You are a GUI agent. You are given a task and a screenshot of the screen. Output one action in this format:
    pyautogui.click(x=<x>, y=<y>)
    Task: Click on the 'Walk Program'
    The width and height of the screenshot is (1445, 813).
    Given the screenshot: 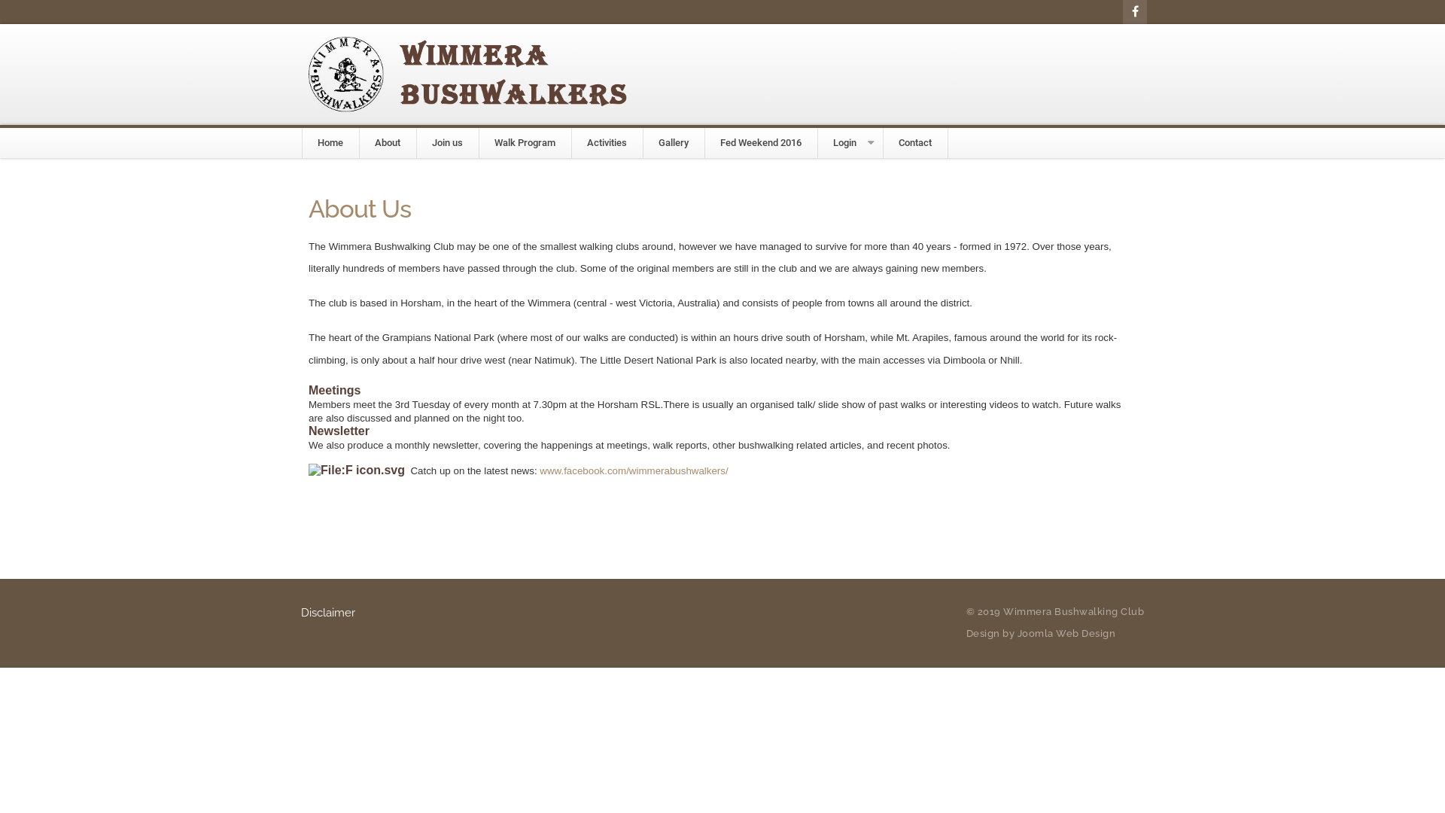 What is the action you would take?
    pyautogui.click(x=525, y=142)
    